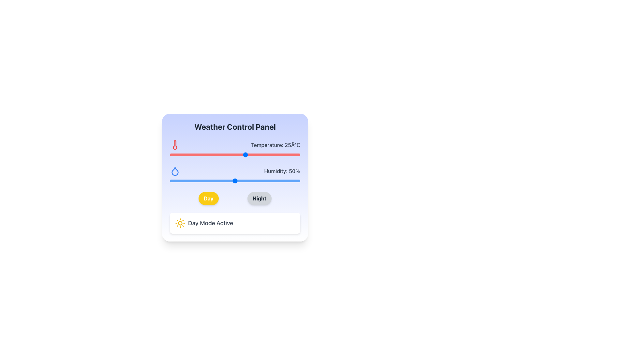  I want to click on the informational Text Label that displays the current humidity level percentage, which is located near the center-right side of the interface, below the 'Temperature' label, so click(282, 170).